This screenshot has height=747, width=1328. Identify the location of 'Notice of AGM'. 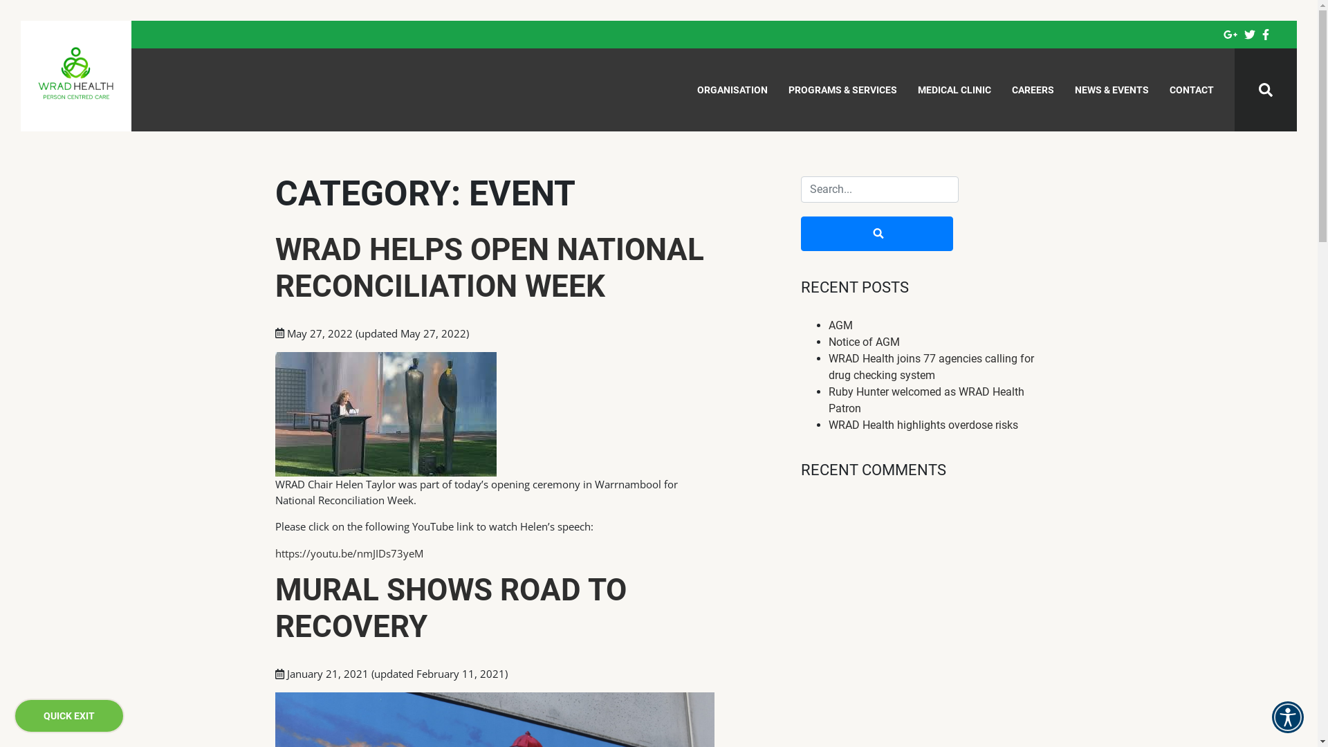
(863, 342).